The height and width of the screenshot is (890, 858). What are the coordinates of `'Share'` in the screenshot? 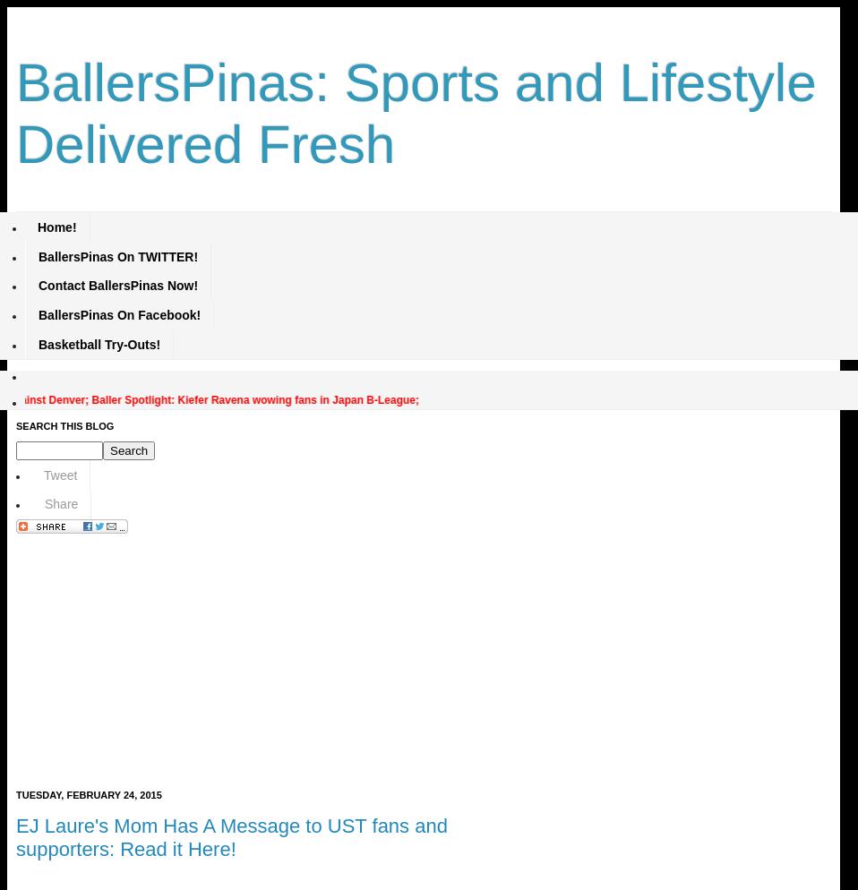 It's located at (60, 503).